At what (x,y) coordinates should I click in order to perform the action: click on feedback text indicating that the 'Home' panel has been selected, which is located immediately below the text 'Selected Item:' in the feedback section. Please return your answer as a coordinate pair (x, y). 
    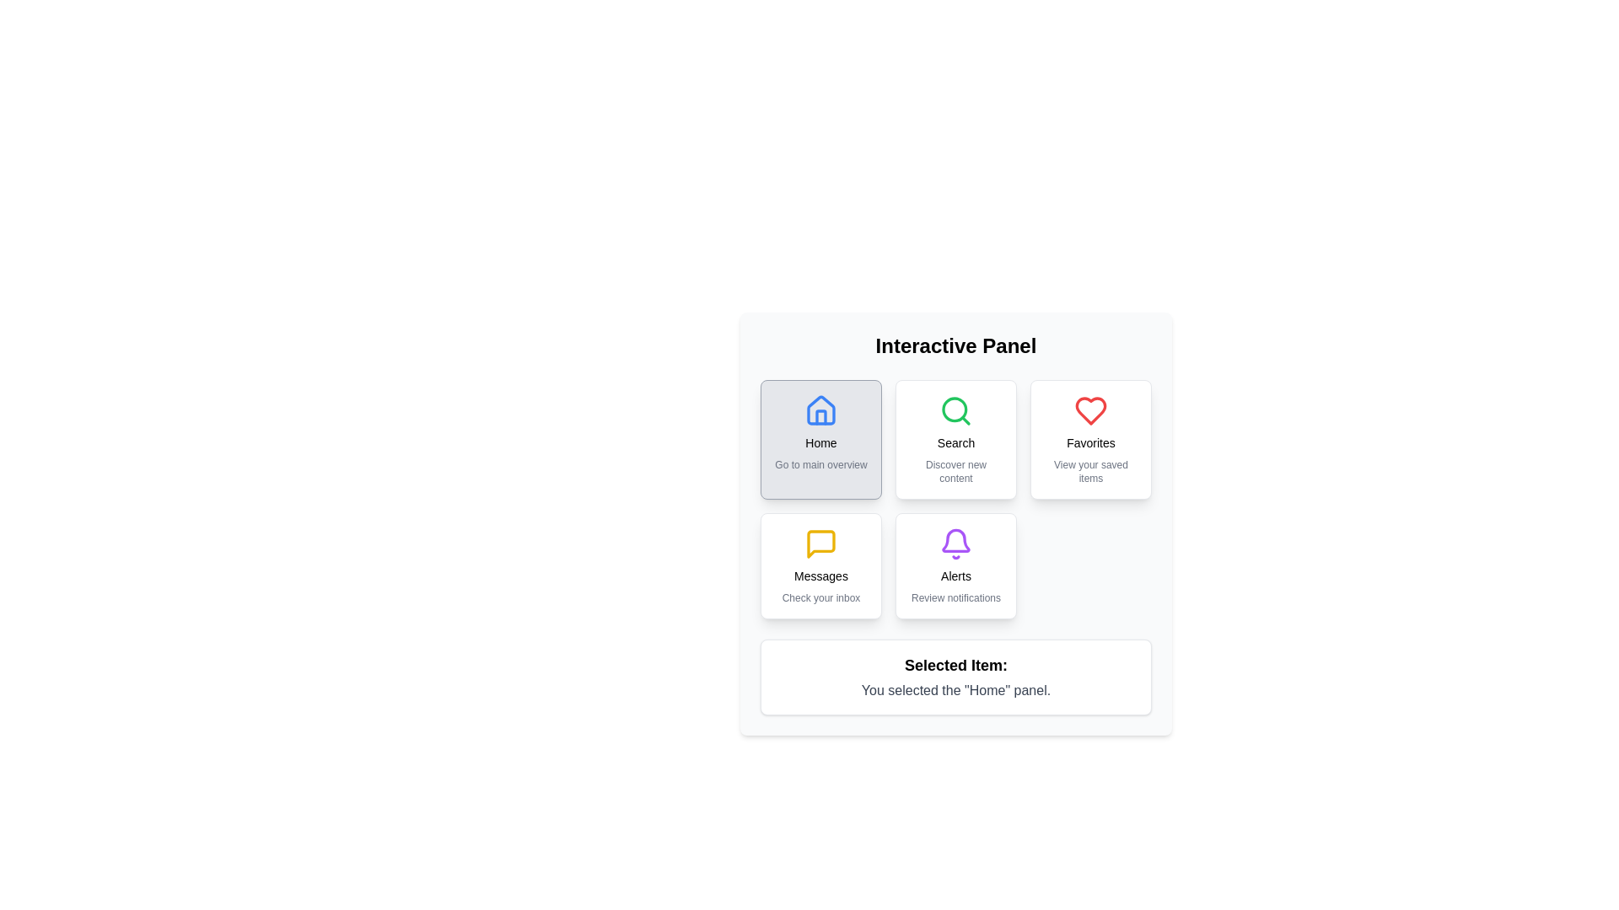
    Looking at the image, I should click on (955, 691).